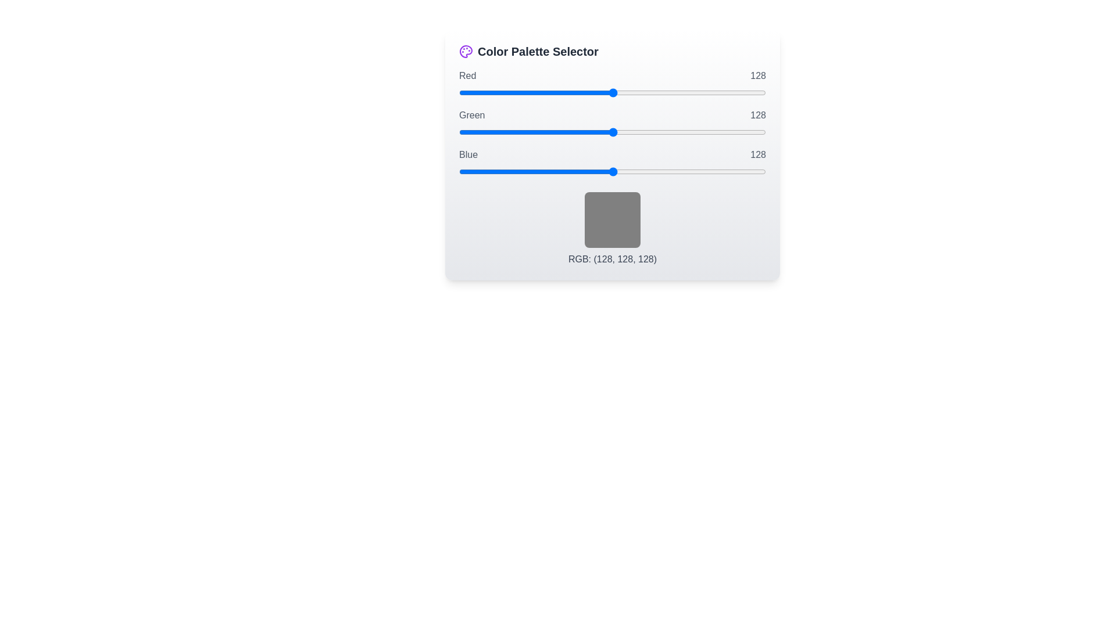 This screenshot has height=627, width=1116. I want to click on the green slider to set its value to 107, so click(588, 131).